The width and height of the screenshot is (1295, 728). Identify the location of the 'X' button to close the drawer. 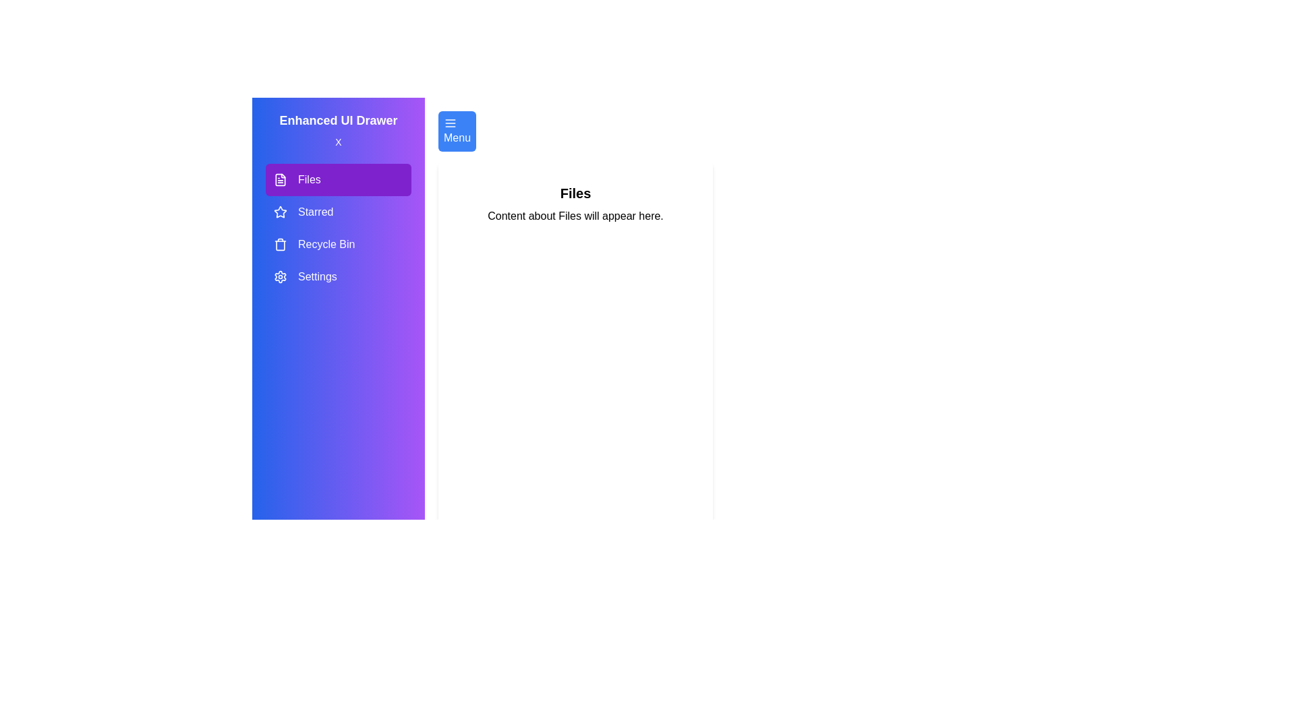
(339, 142).